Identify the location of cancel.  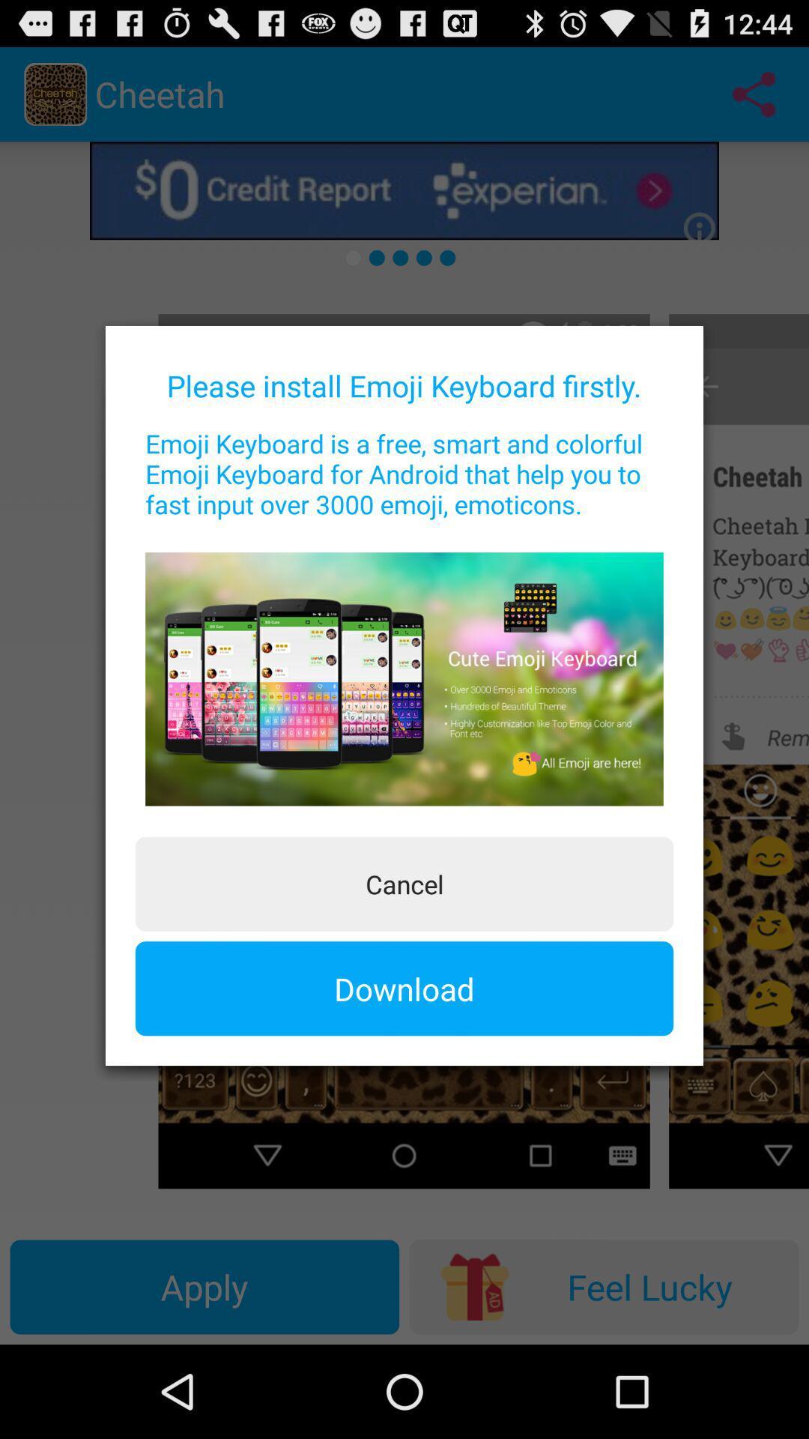
(404, 884).